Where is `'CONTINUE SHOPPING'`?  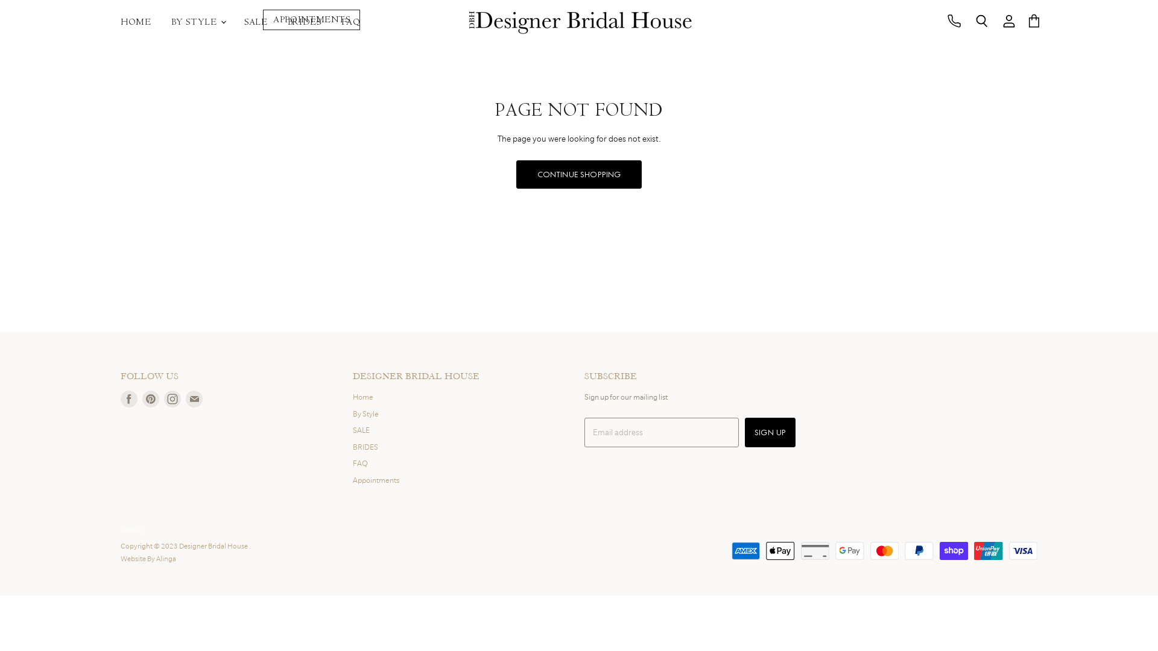
'CONTINUE SHOPPING' is located at coordinates (579, 174).